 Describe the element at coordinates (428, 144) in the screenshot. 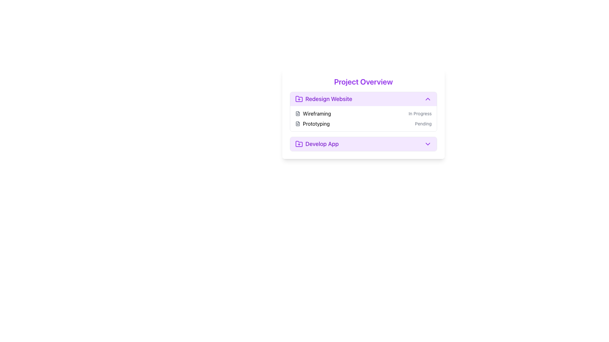

I see `the toggle button located on the extreme right side of the 'Develop App' section` at that location.